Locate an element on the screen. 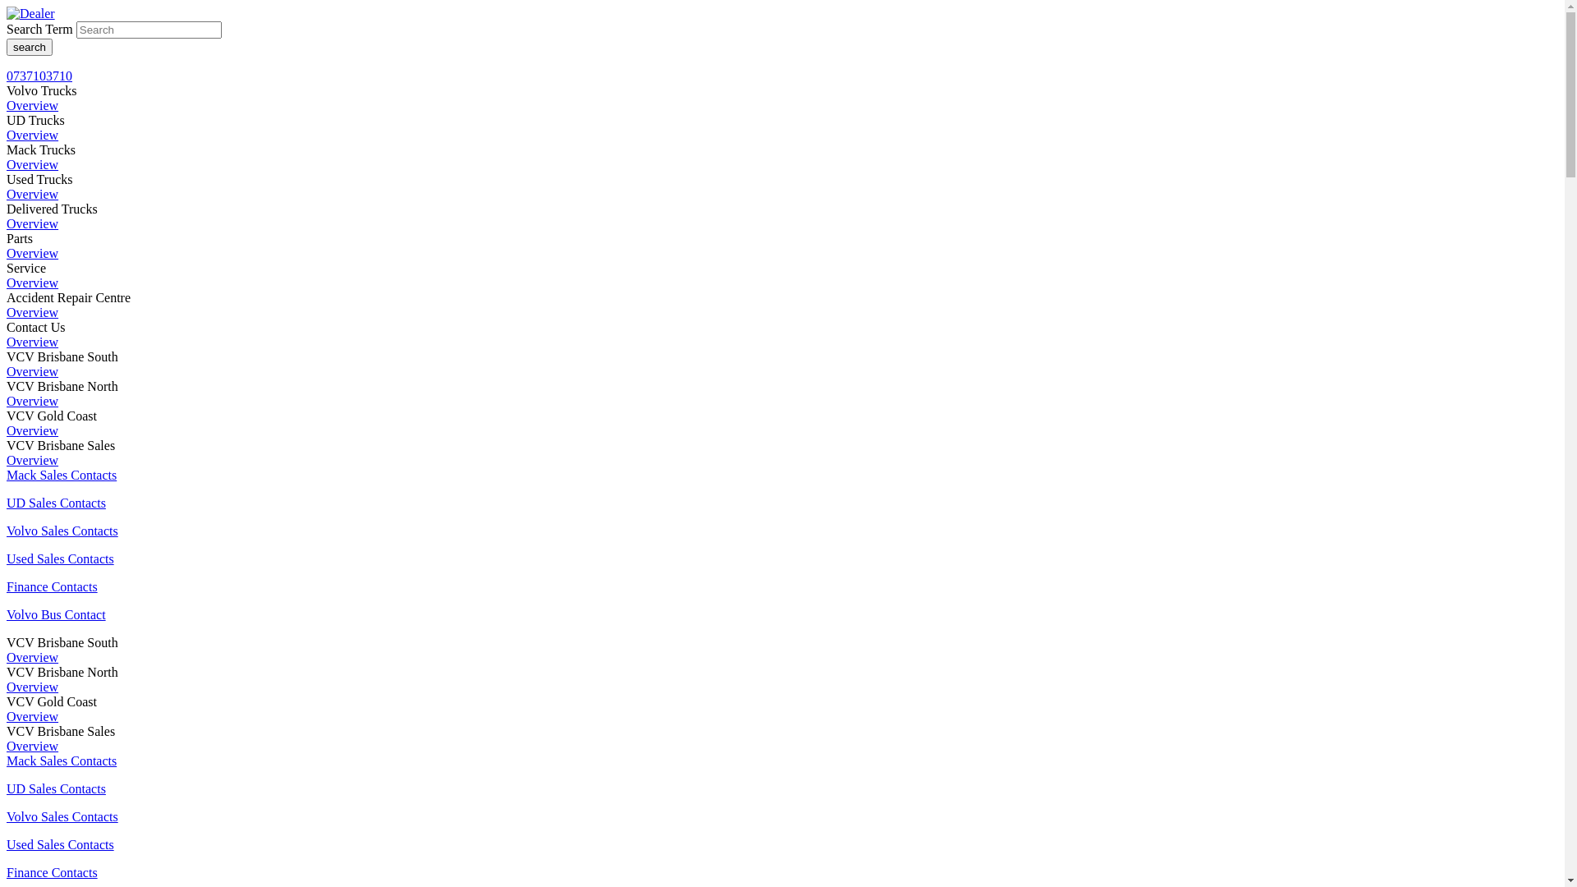 This screenshot has height=887, width=1577. 'Overview' is located at coordinates (32, 715).